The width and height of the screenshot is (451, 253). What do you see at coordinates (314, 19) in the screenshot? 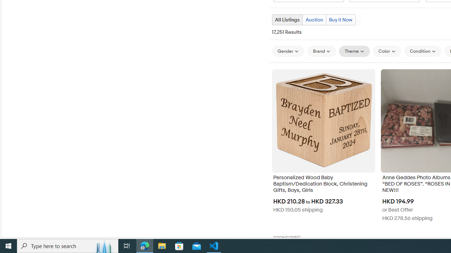
I see `'Auction'` at bounding box center [314, 19].